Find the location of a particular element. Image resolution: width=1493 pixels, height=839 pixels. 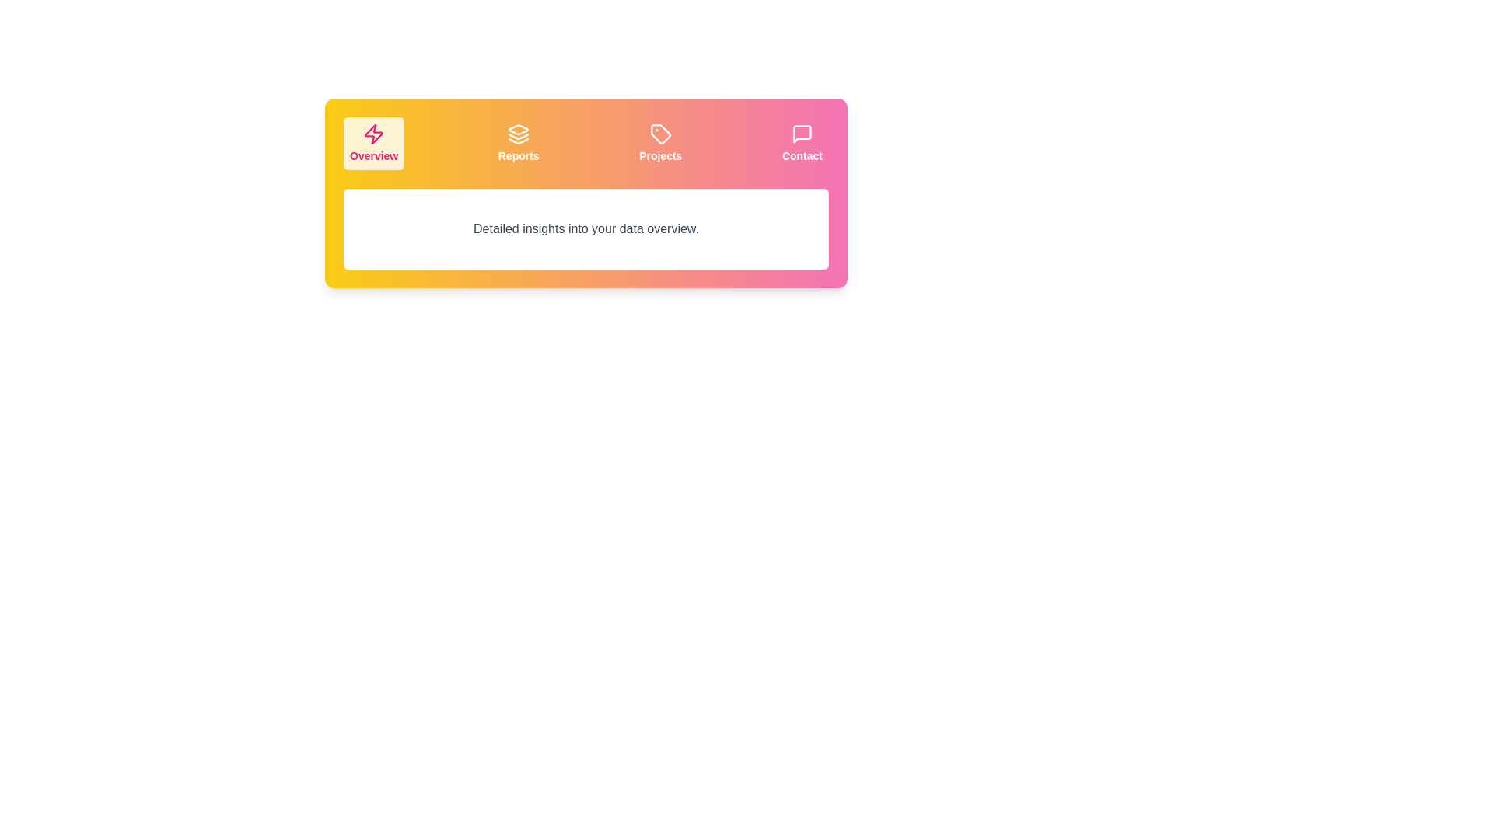

the 'Contact' text label, which is displayed in a bold font style and smaller size in a subdued pink hue, located underneath a message bubble icon in the top bar's rightmost segment is located at coordinates (802, 155).